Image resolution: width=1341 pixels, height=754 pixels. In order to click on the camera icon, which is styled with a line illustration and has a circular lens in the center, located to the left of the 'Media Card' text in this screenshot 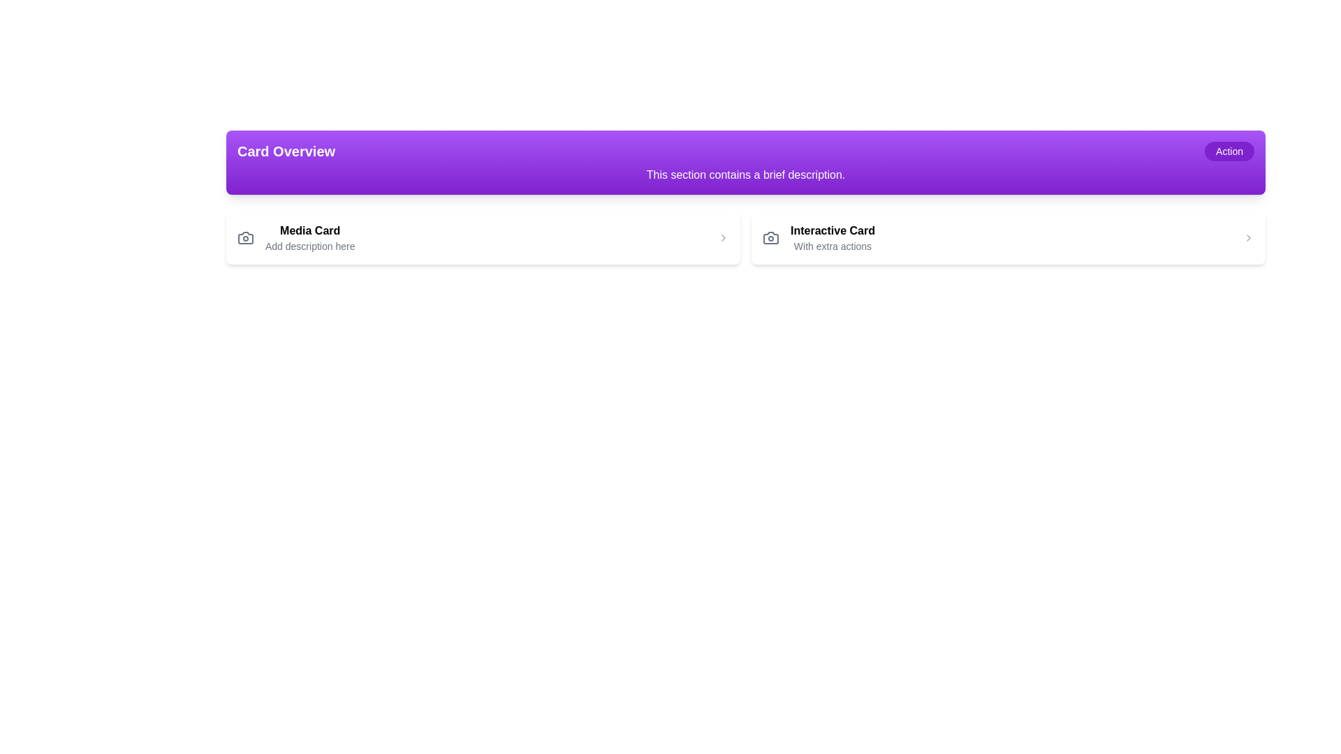, I will do `click(245, 237)`.